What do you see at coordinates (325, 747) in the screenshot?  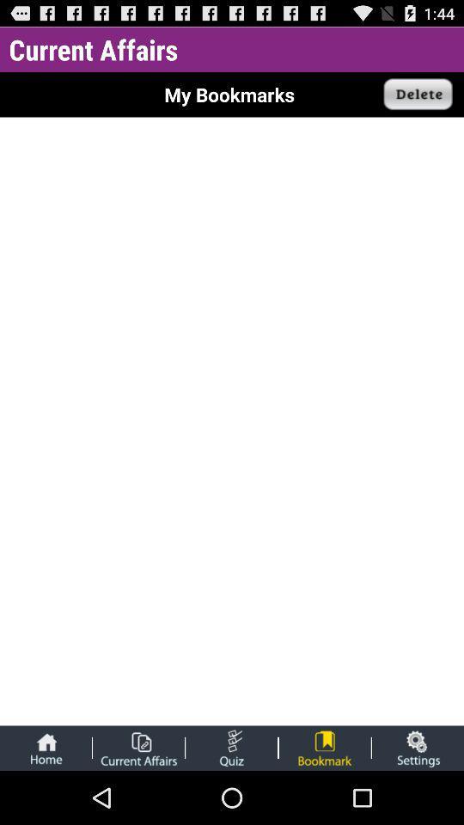 I see `bookmark option` at bounding box center [325, 747].